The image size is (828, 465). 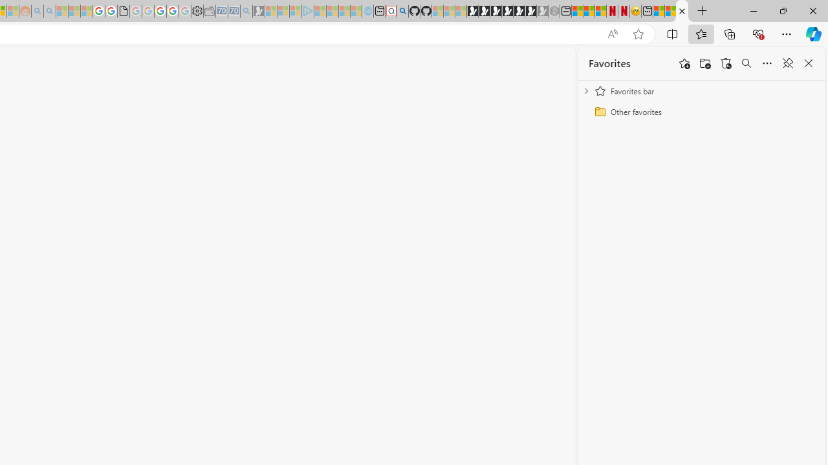 What do you see at coordinates (246, 11) in the screenshot?
I see `'Bing Real Estate - Home sales and rental listings - Sleeping'` at bounding box center [246, 11].